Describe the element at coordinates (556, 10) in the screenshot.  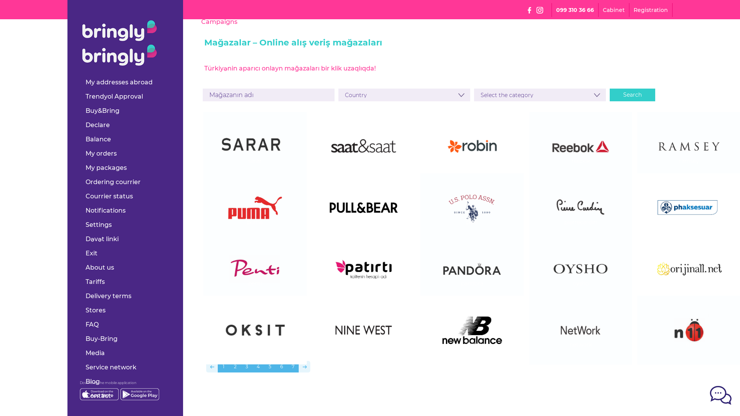
I see `'099 310 36 66'` at that location.